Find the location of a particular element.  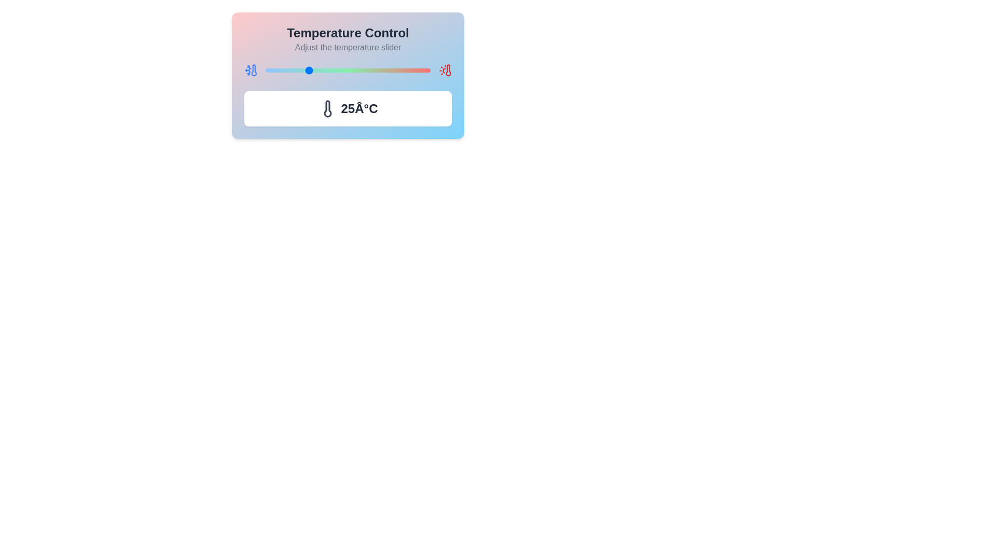

the temperature to 80°C by adjusting the slider is located at coordinates (397, 70).